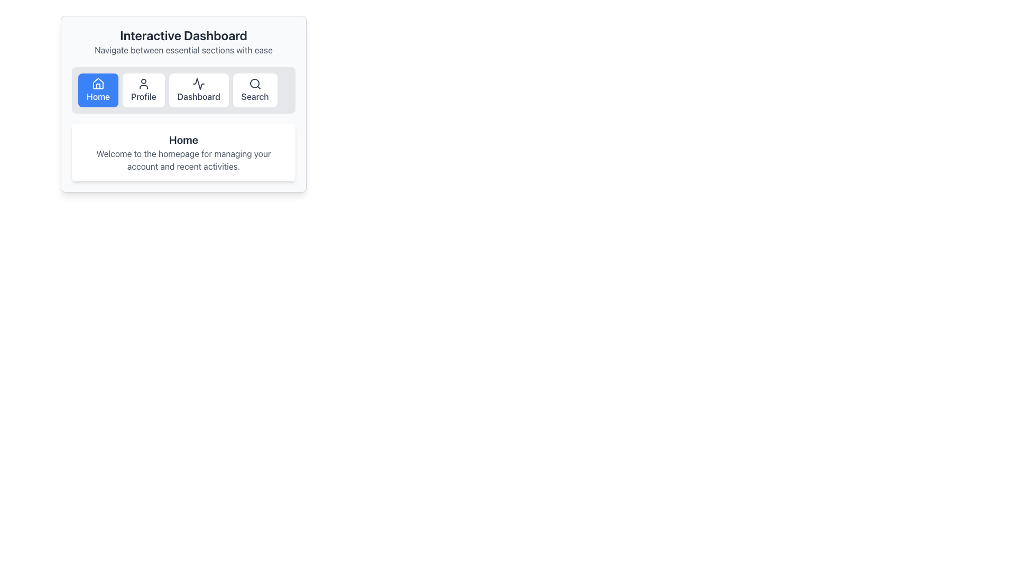 The width and height of the screenshot is (1015, 571). What do you see at coordinates (255, 89) in the screenshot?
I see `the search button located in the horizontal menu bar to initiate a search` at bounding box center [255, 89].